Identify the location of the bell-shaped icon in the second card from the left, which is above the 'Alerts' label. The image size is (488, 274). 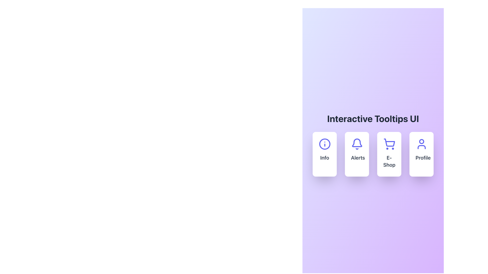
(357, 144).